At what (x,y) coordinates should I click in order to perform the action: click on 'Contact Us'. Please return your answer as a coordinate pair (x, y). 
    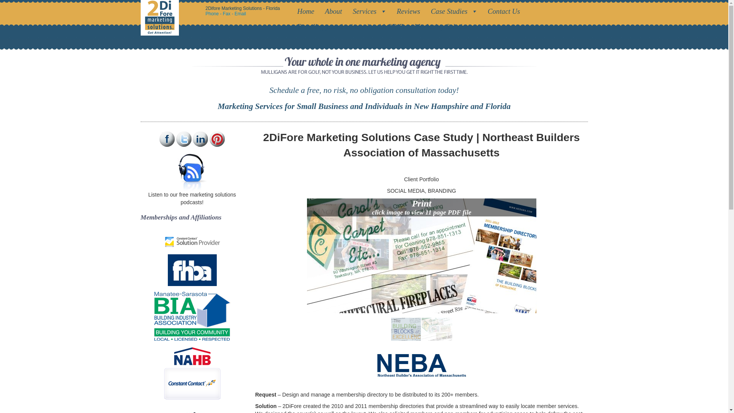
    Looking at the image, I should click on (505, 11).